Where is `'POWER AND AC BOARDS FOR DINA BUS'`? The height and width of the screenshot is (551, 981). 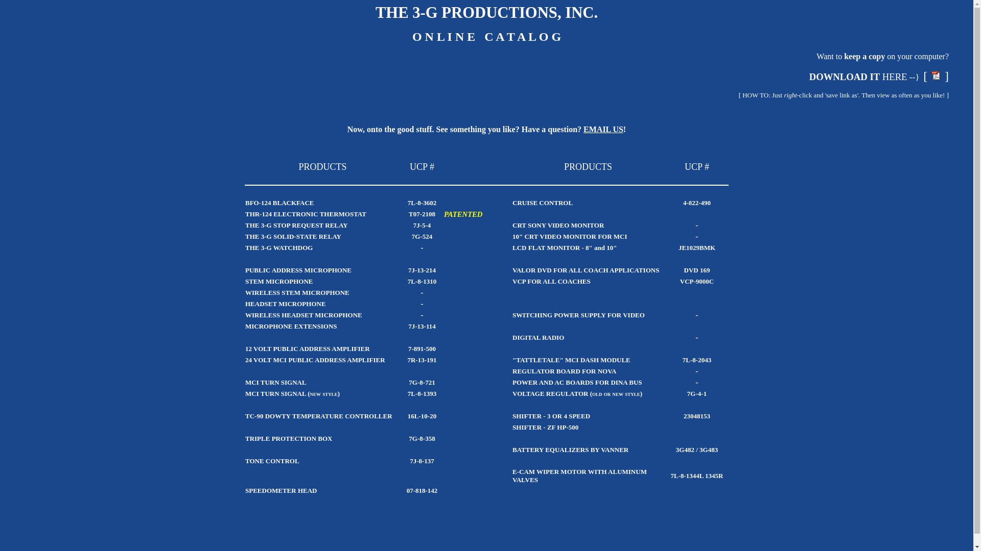 'POWER AND AC BOARDS FOR DINA BUS' is located at coordinates (512, 382).